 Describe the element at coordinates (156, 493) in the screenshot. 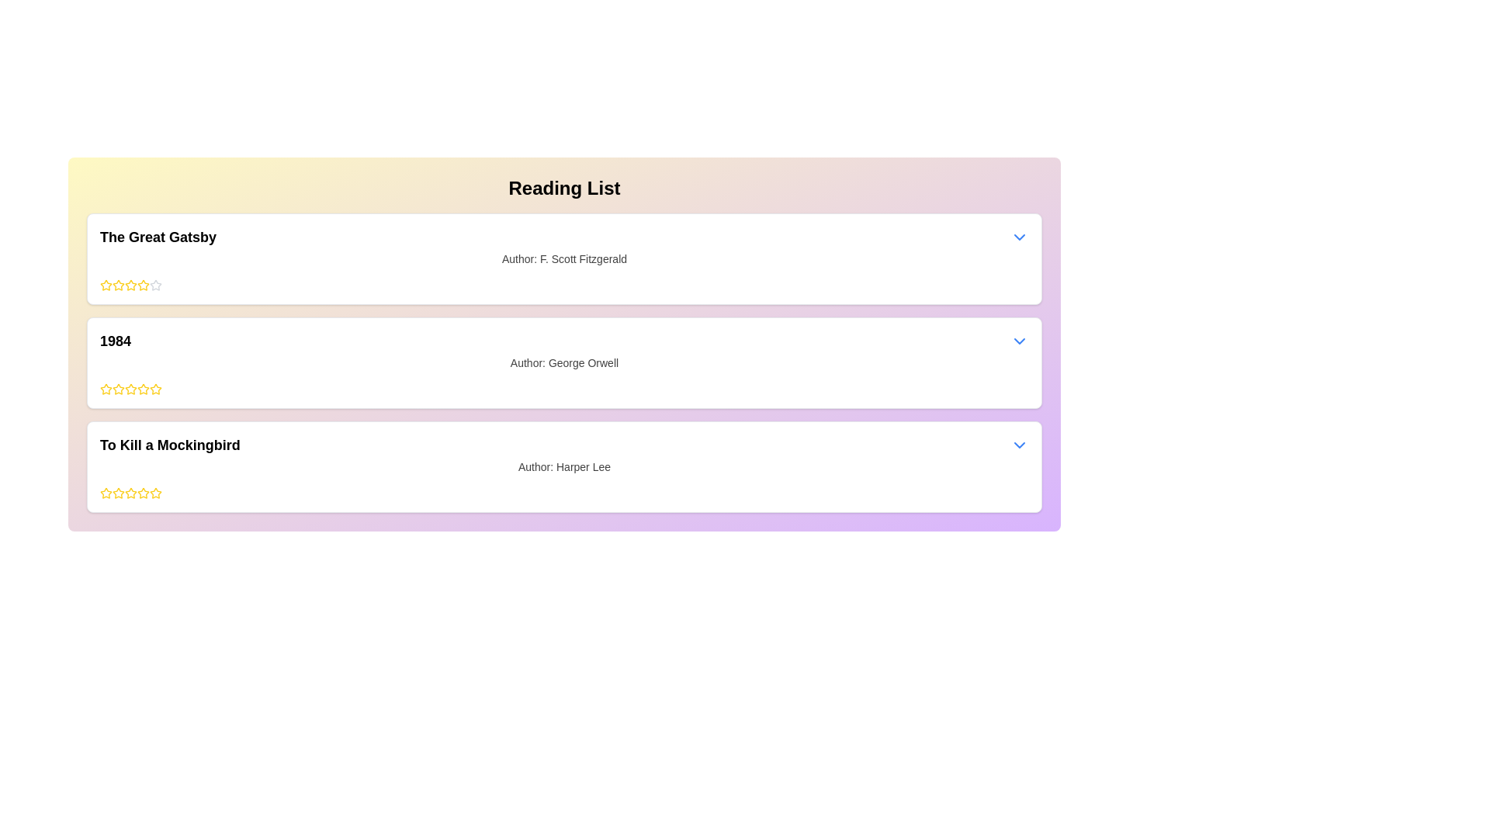

I see `the fifth star icon in the rating system for the book 'To Kill a Mockingbird'` at that location.